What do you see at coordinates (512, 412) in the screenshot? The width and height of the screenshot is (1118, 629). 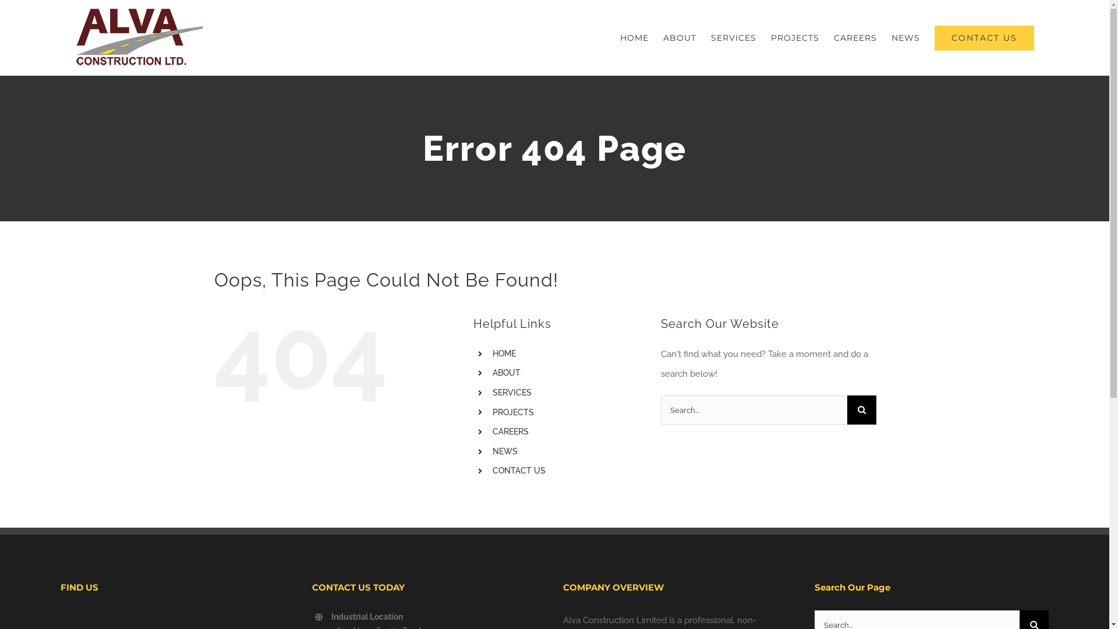 I see `'PROJECTS'` at bounding box center [512, 412].